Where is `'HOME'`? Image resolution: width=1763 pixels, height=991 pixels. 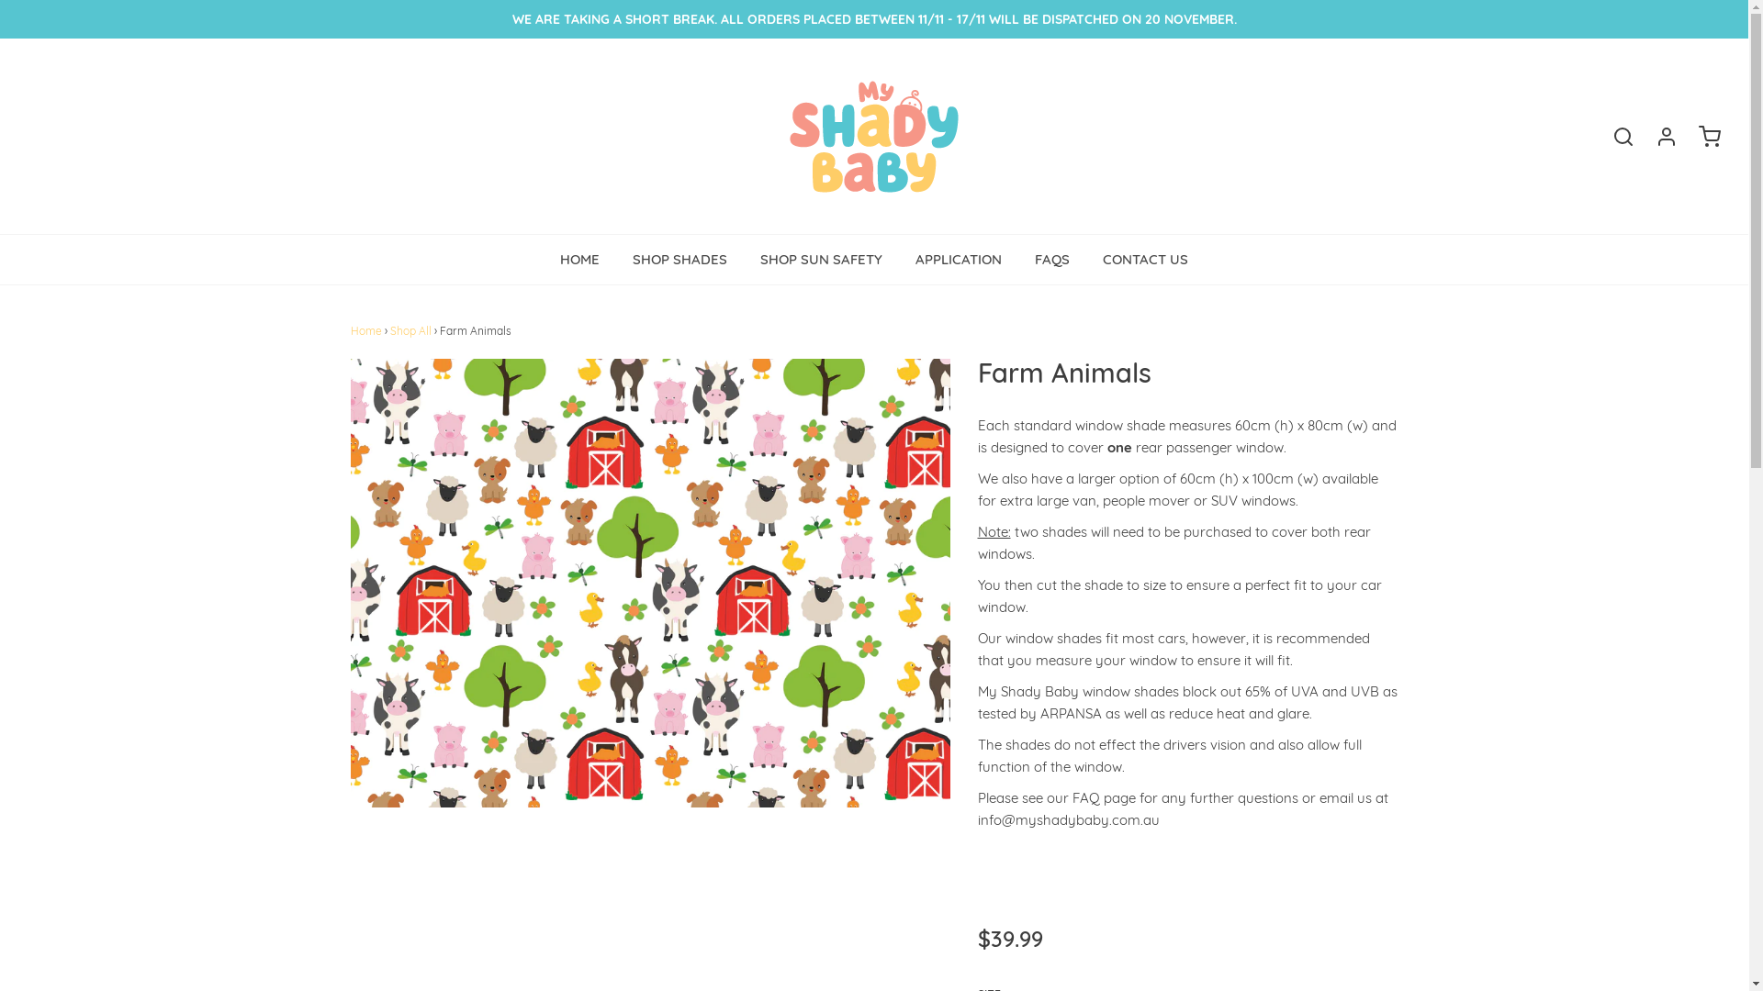
'HOME' is located at coordinates (578, 259).